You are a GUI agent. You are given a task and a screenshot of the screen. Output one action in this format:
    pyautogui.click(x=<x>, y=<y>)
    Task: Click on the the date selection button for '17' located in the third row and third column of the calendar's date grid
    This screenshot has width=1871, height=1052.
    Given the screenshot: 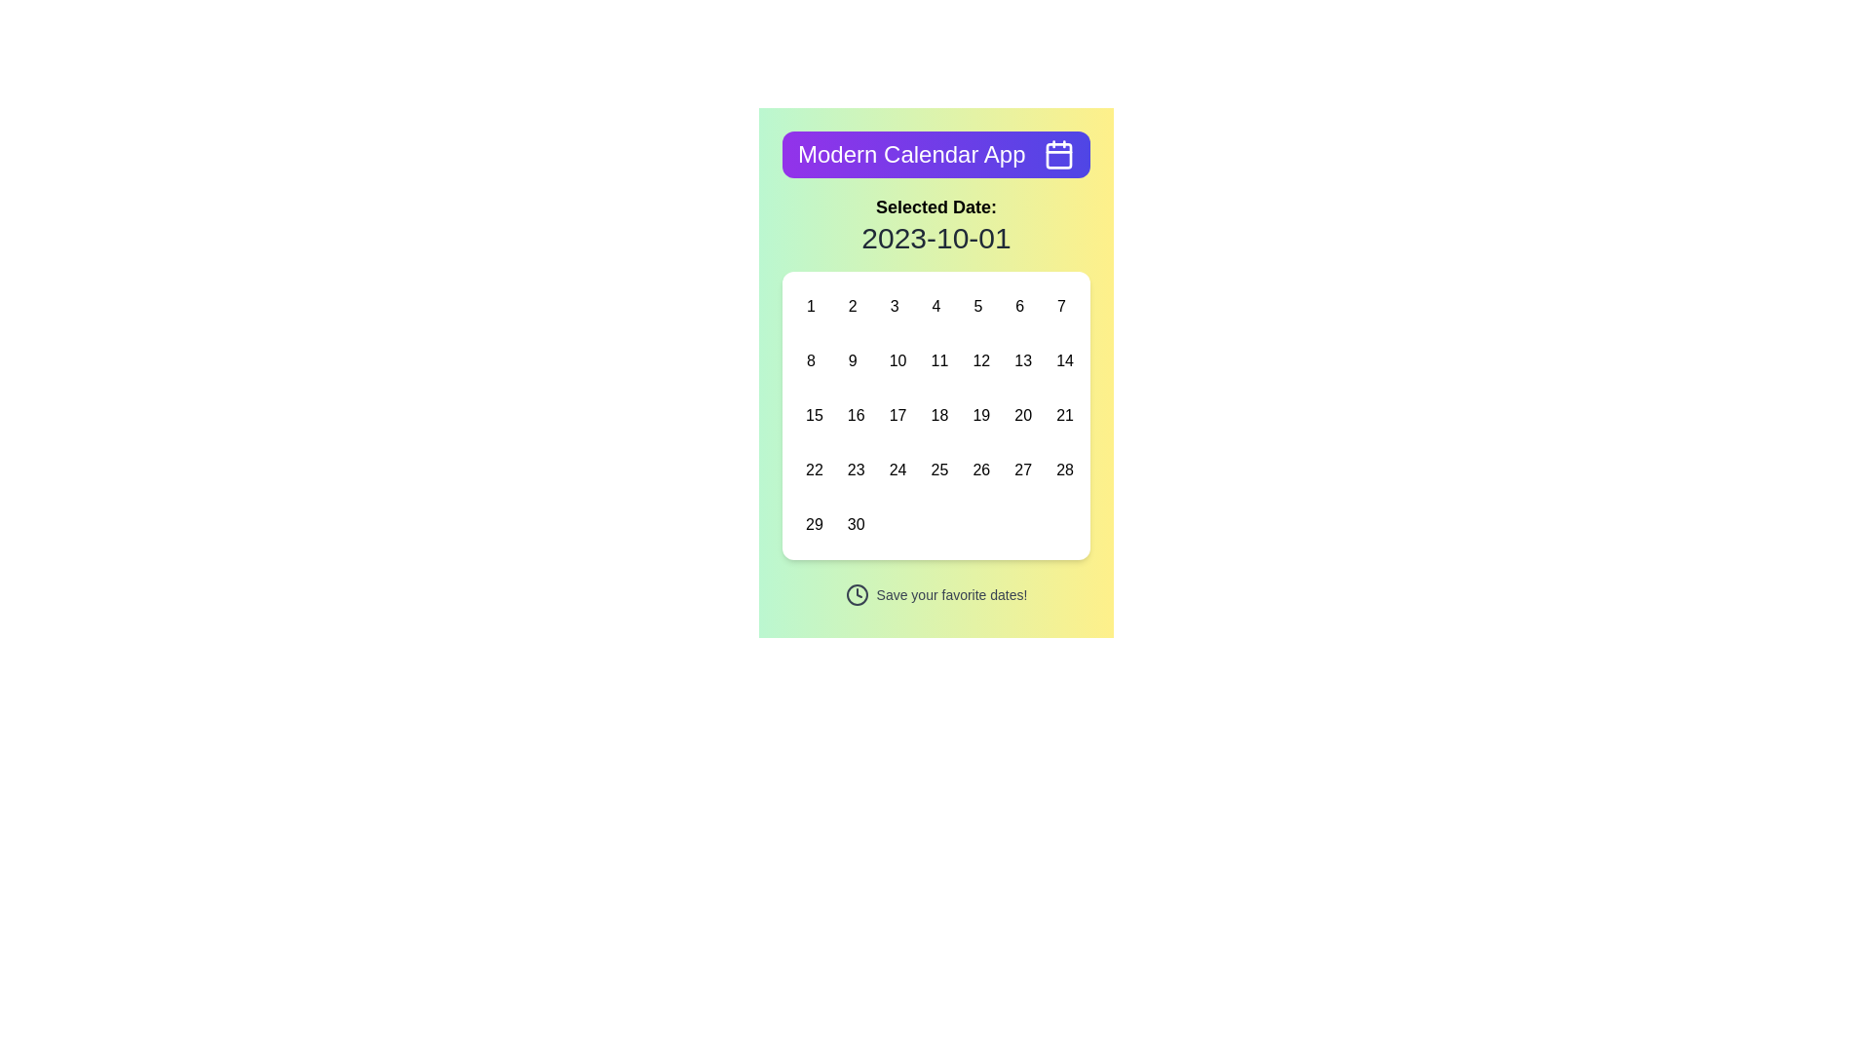 What is the action you would take?
    pyautogui.click(x=894, y=415)
    